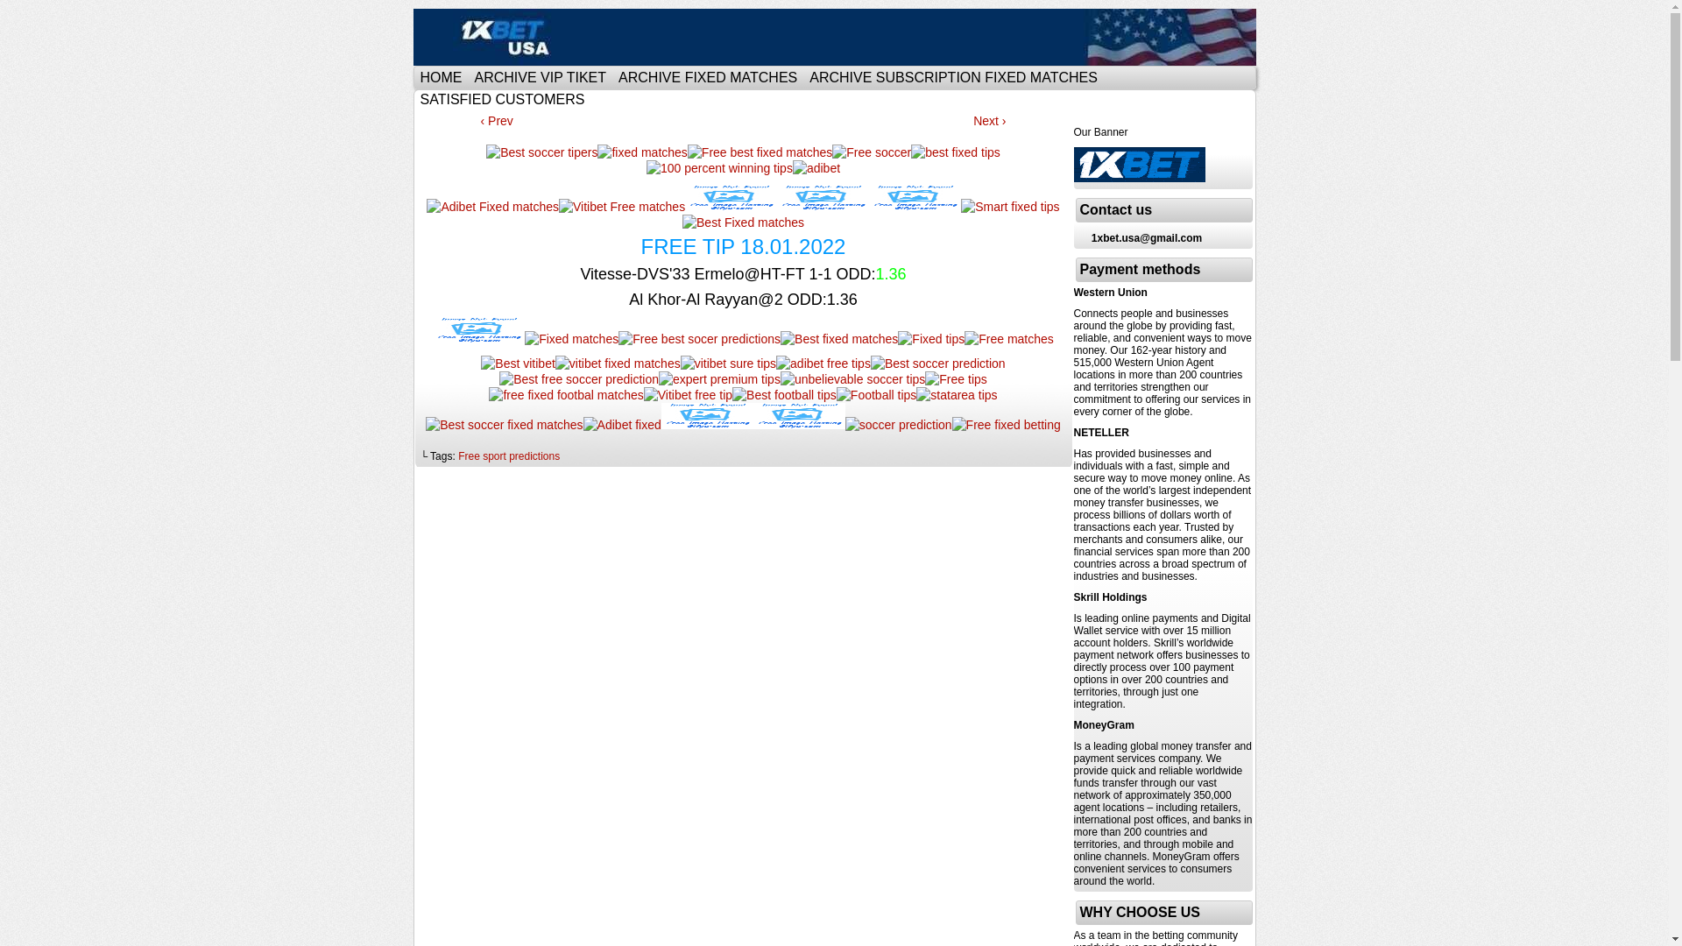 Image resolution: width=1682 pixels, height=946 pixels. Describe the element at coordinates (954, 151) in the screenshot. I see `'best fixed tips'` at that location.